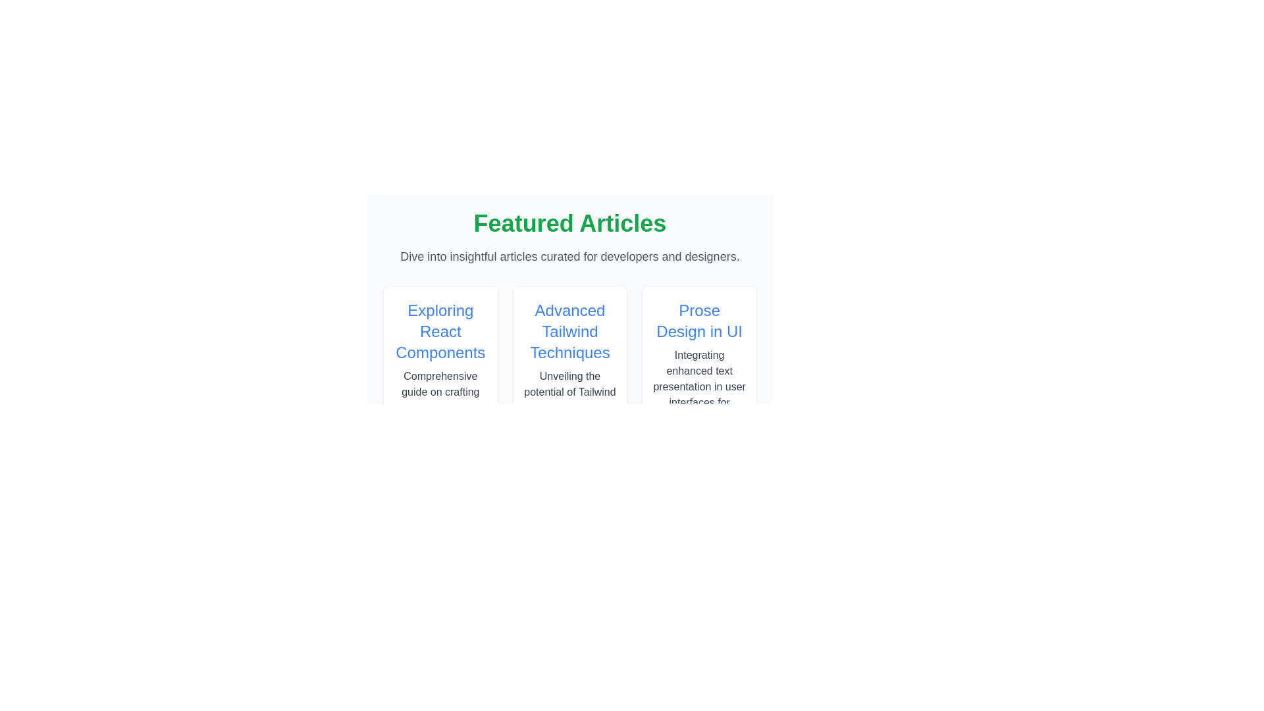 The height and width of the screenshot is (711, 1264). Describe the element at coordinates (698, 363) in the screenshot. I see `the third card titled 'Prose Design in UI', which features a blue title and gray description text, positioned to the right of 'Advanced Tailwind Techniques'` at that location.